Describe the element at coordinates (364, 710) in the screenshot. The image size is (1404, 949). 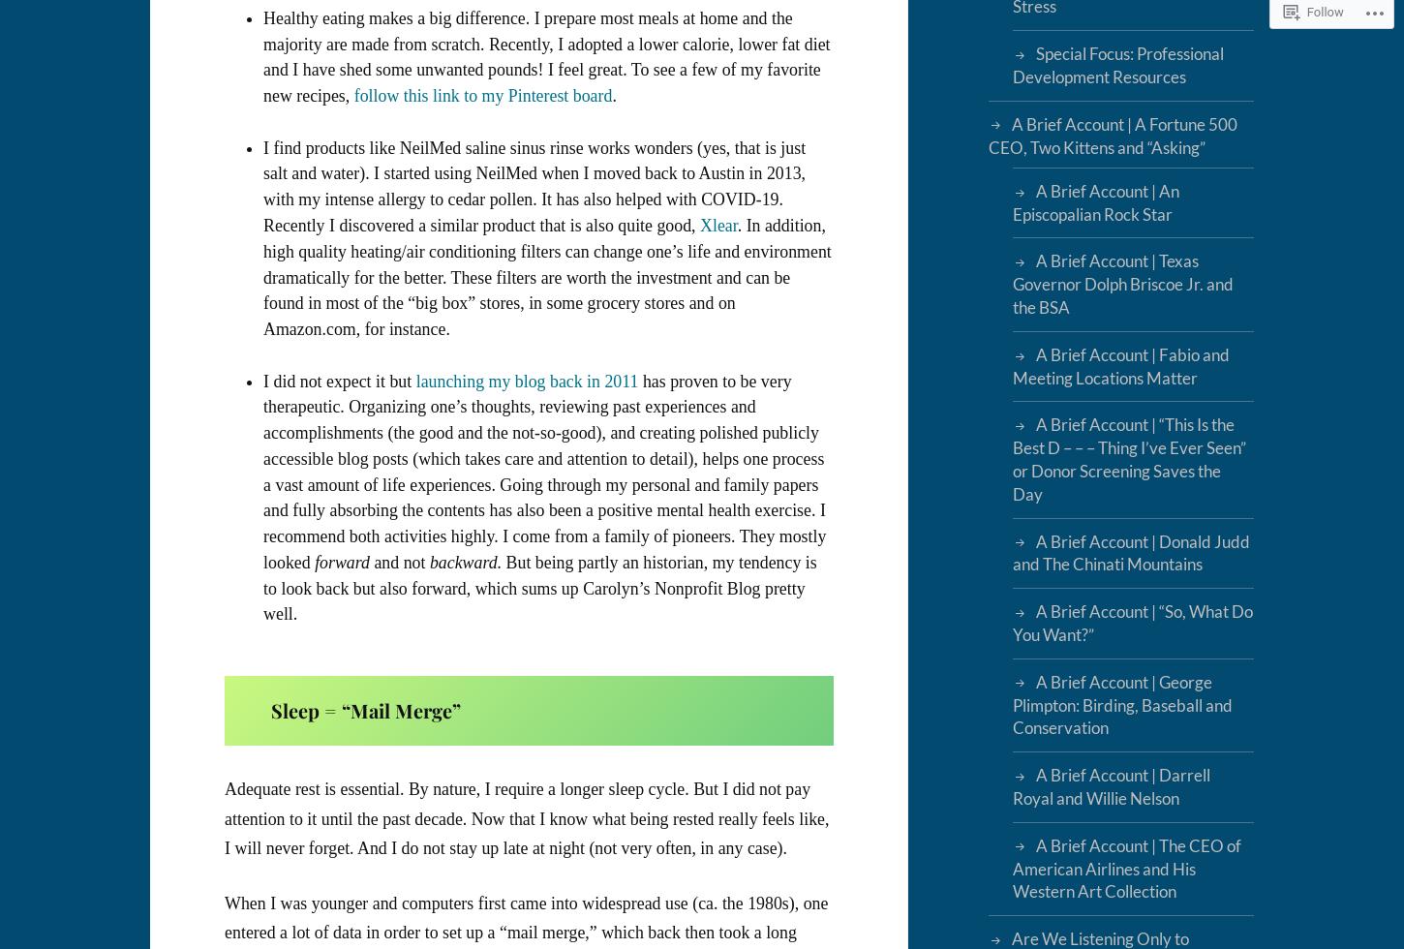
I see `'Sleep = “Mail Merge”'` at that location.